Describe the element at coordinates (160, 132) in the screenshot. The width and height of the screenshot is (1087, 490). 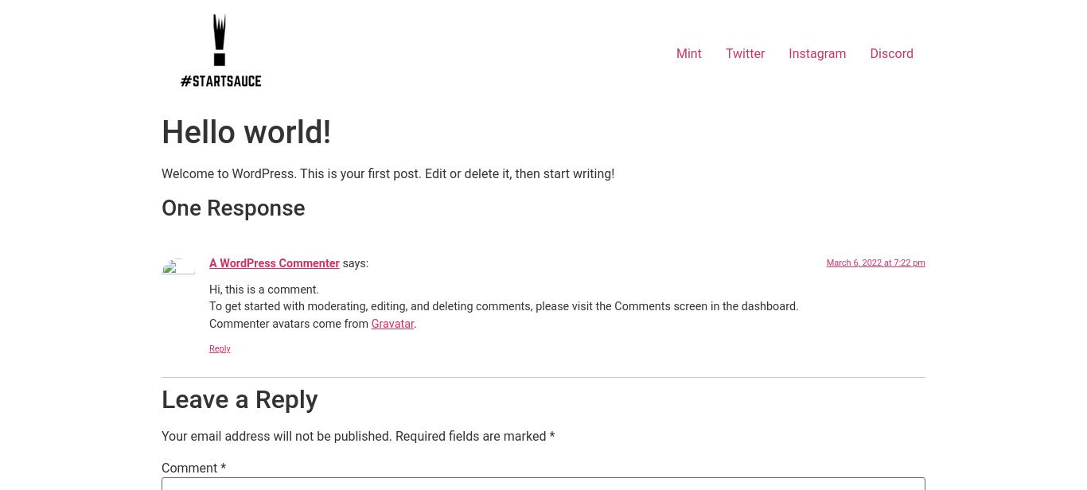
I see `'Hello world!'` at that location.